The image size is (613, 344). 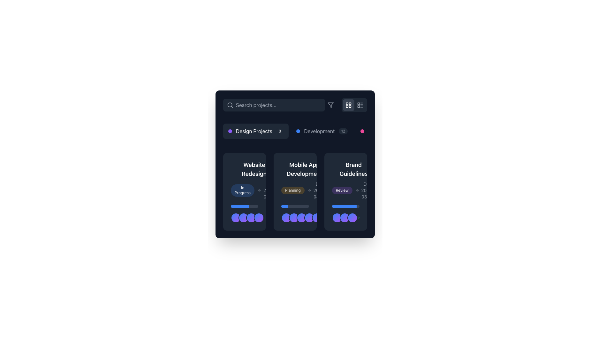 I want to click on the icon representing a list layout, located in the top-right area of the interface, adjacent to the grid view icon, to switch to list view, so click(x=360, y=105).